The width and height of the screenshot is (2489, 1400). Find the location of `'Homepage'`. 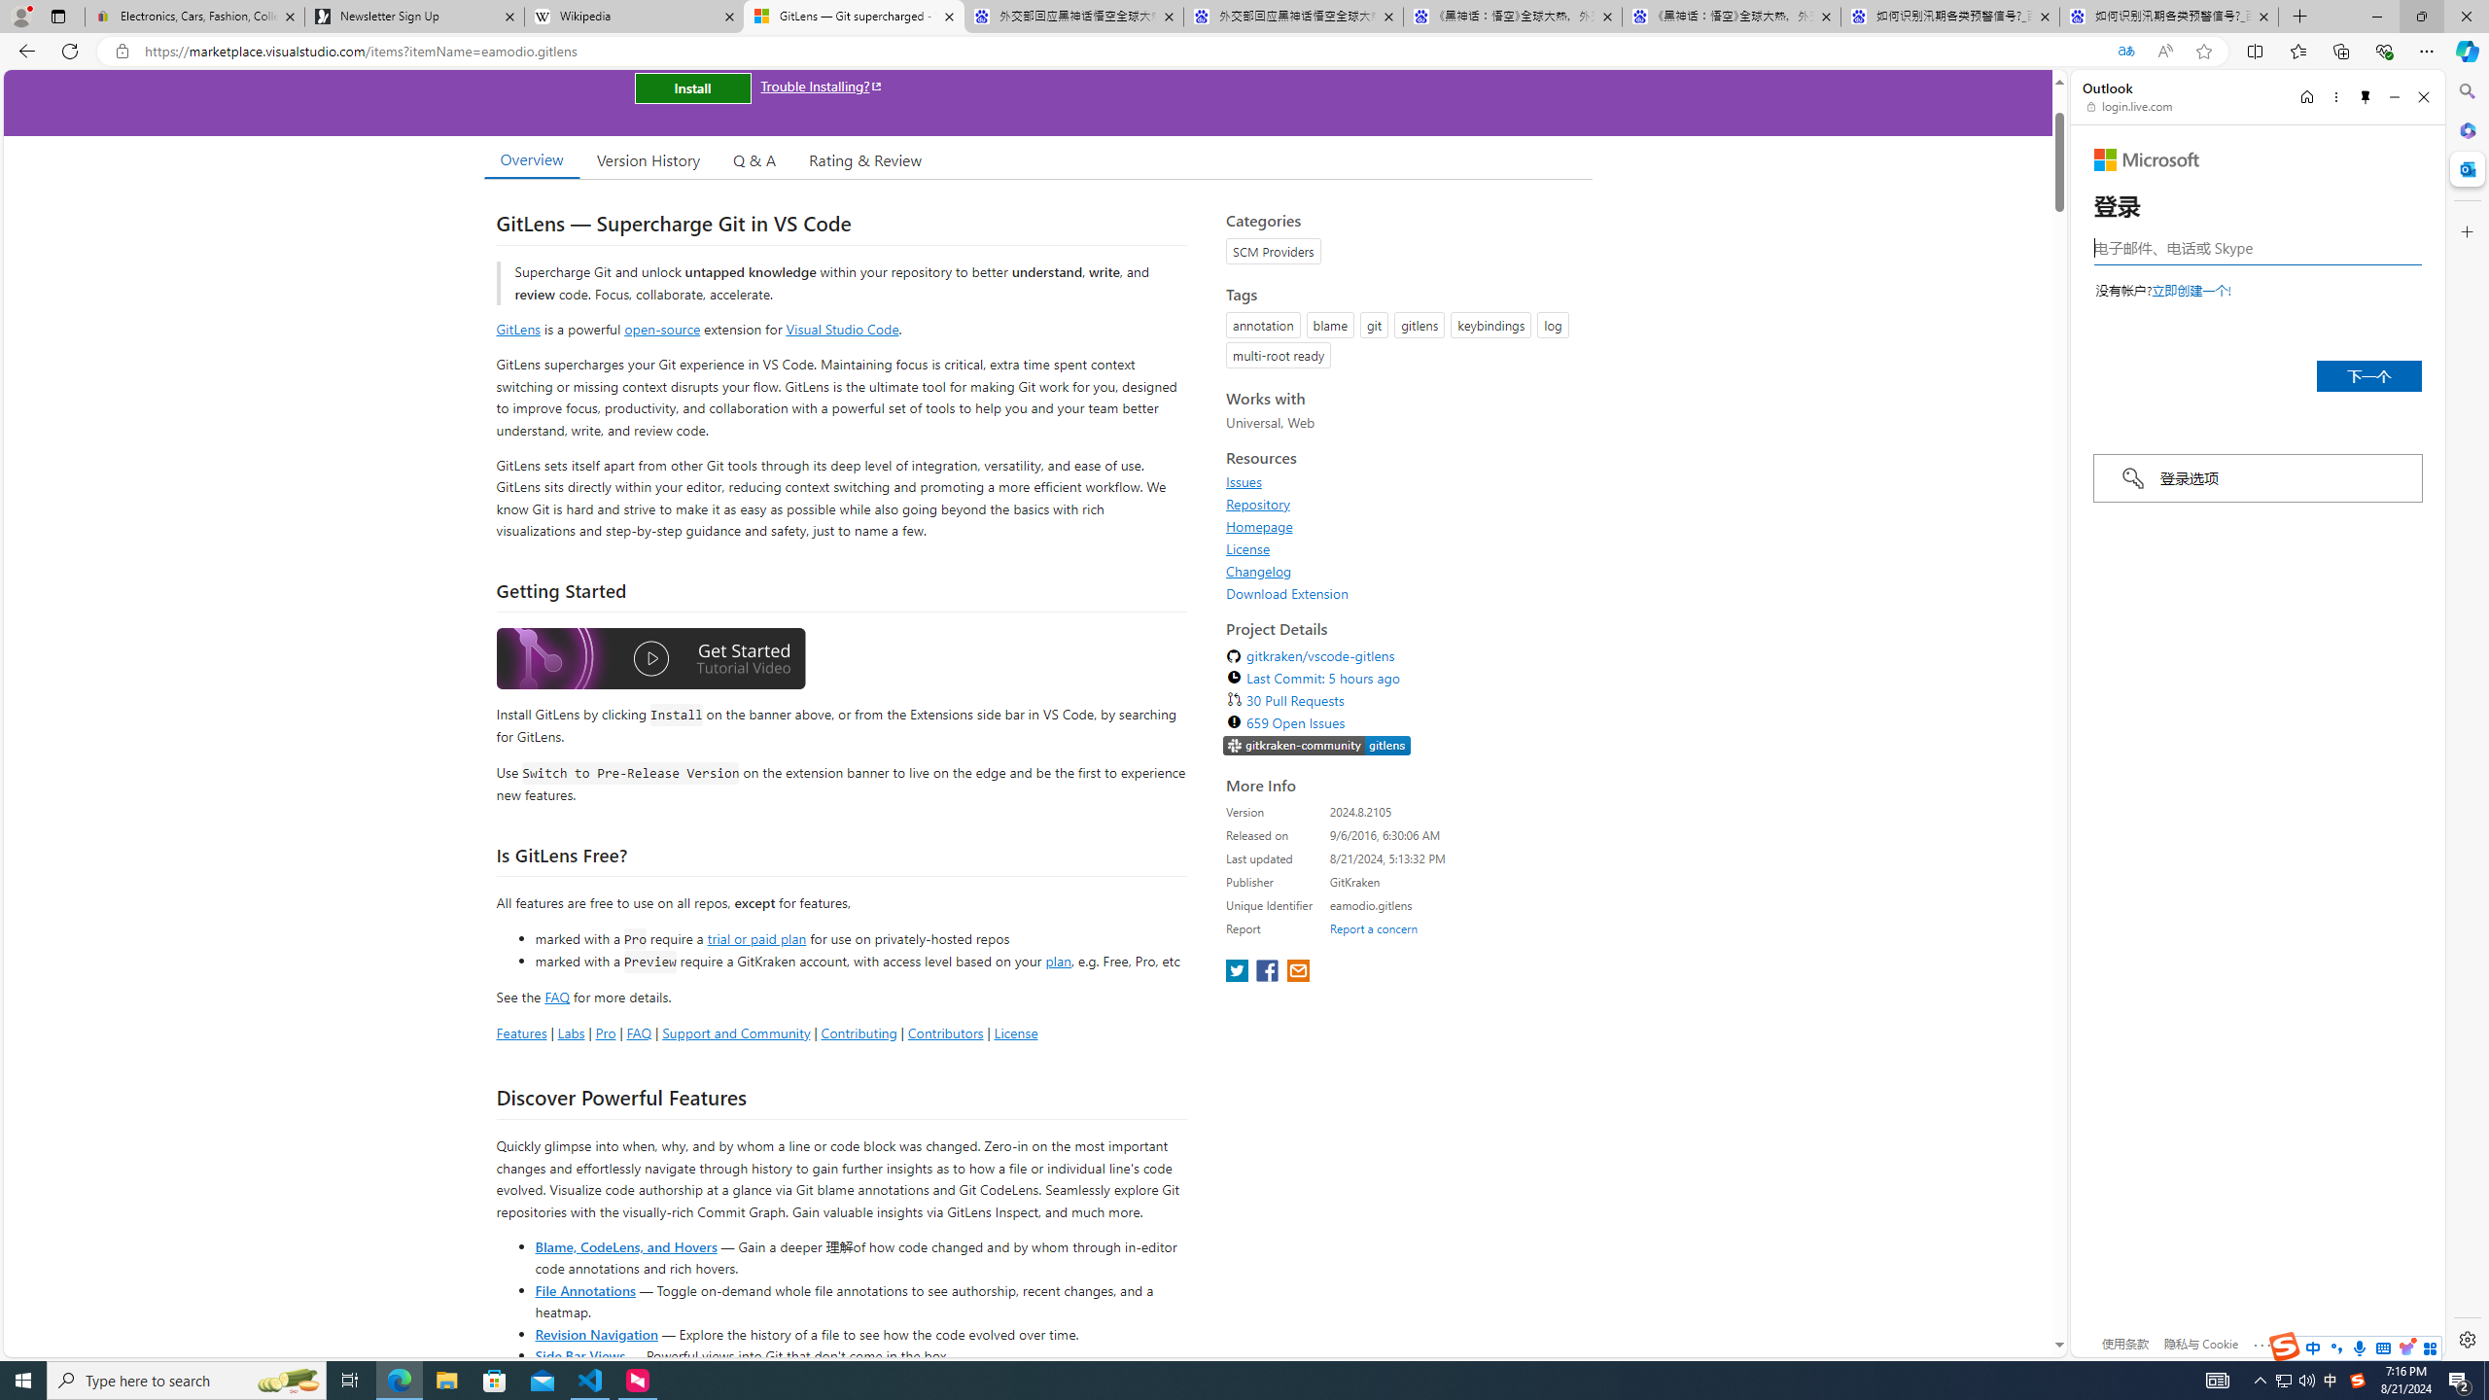

'Homepage' is located at coordinates (1260, 525).